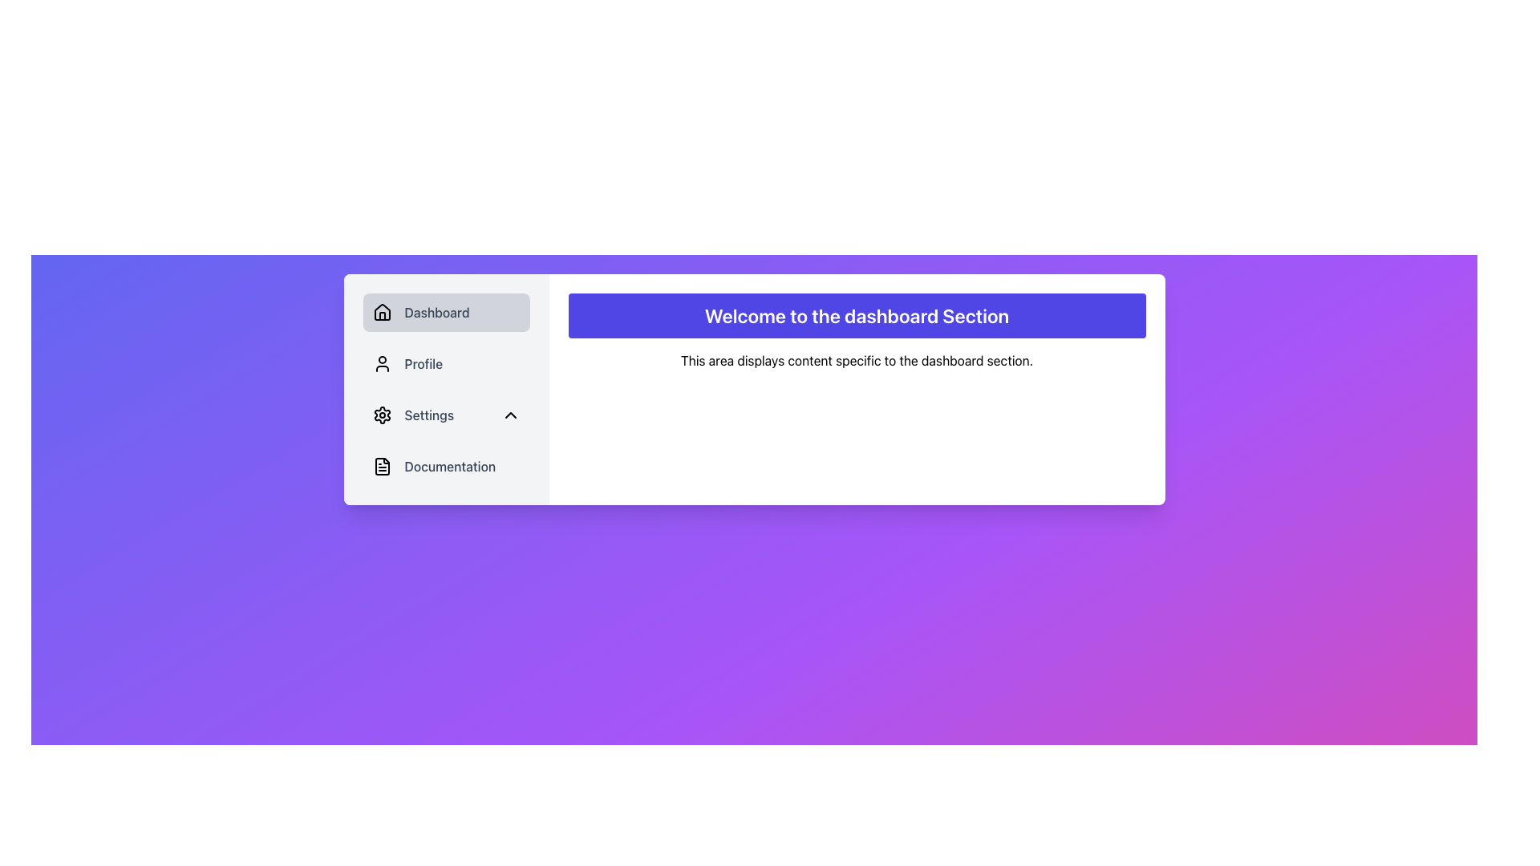 Image resolution: width=1540 pixels, height=866 pixels. I want to click on the settings navigation item located in the vertical navigation panel on the left, third in the list, so click(446, 414).